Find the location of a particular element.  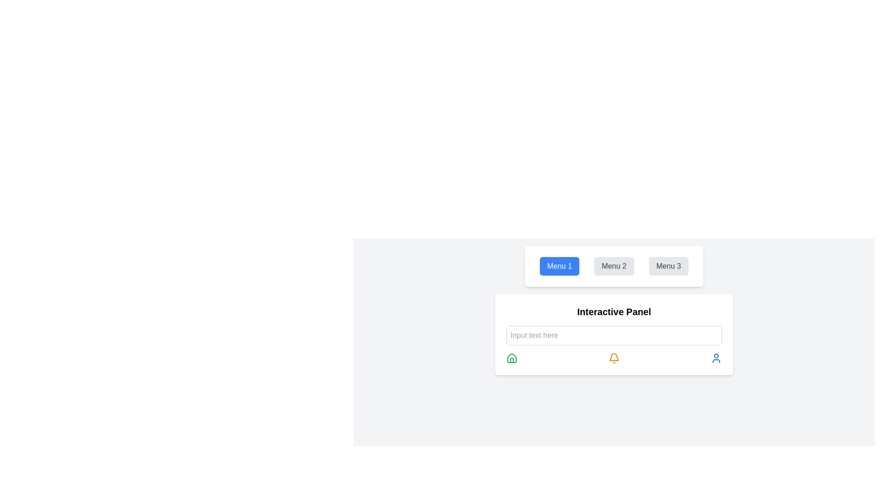

the yellowish bell icon representing notifications located at the bottom middle of the interactive panel is located at coordinates (614, 357).